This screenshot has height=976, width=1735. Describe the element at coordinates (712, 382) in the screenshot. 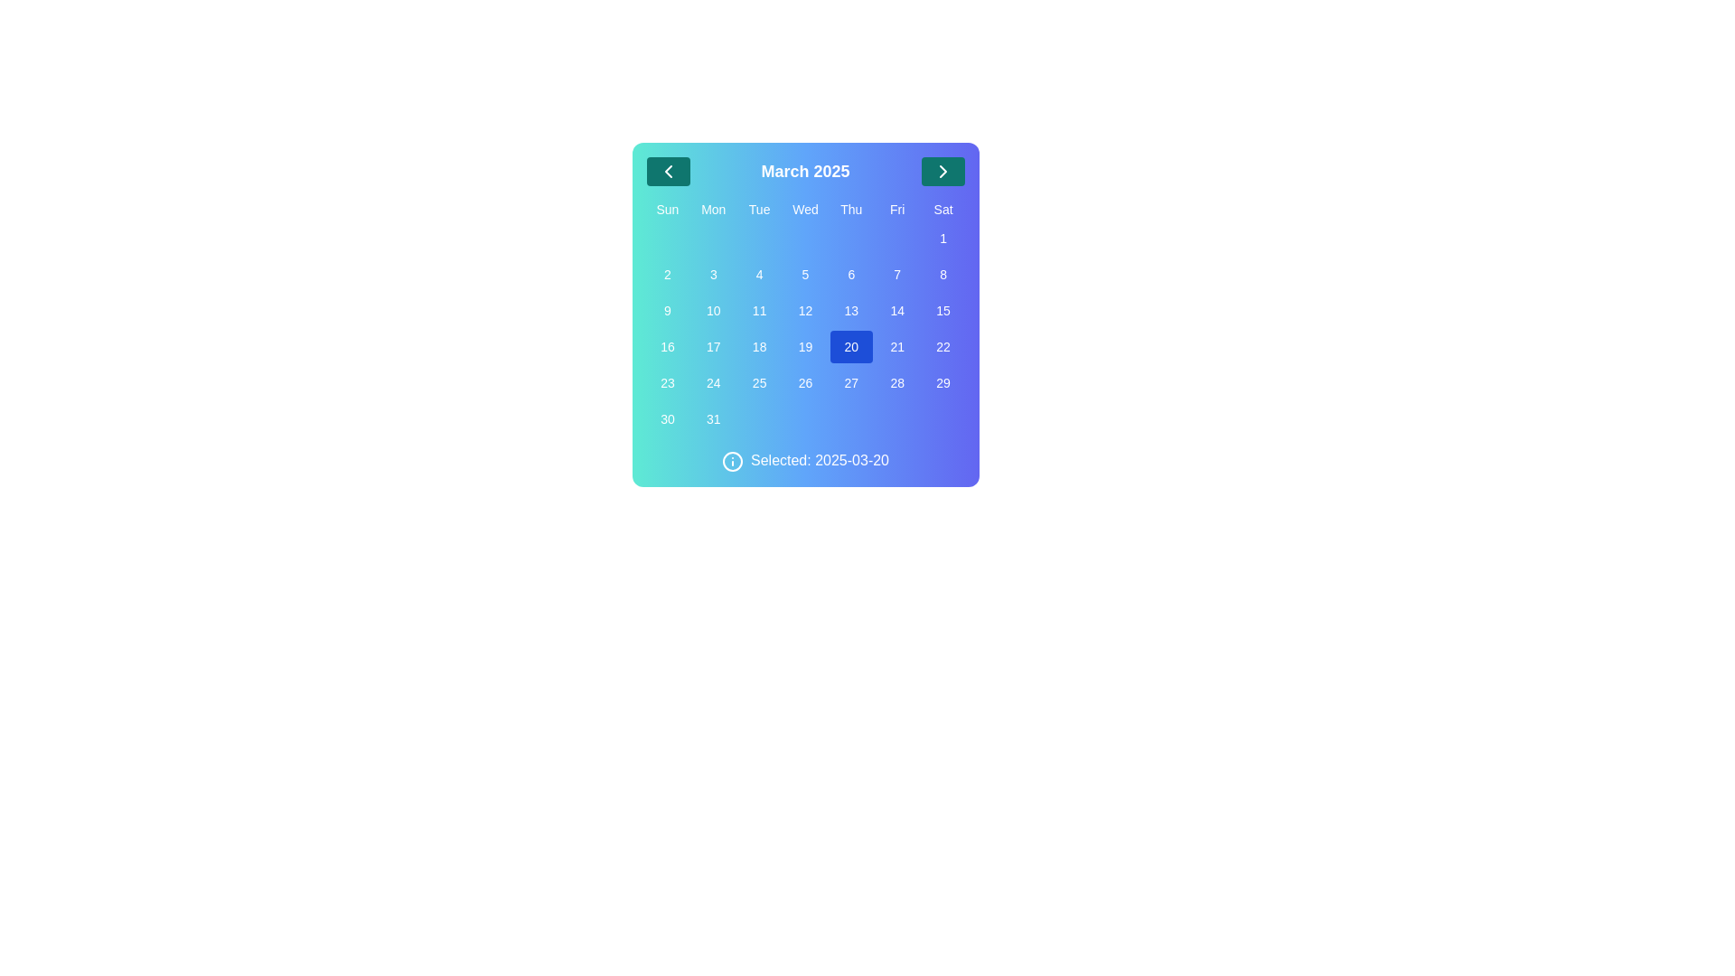

I see `the calendar cell displaying the number '24'` at that location.